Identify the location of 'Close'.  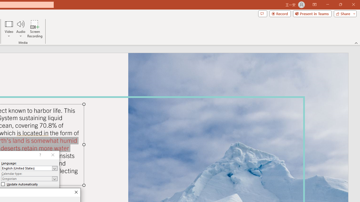
(76, 192).